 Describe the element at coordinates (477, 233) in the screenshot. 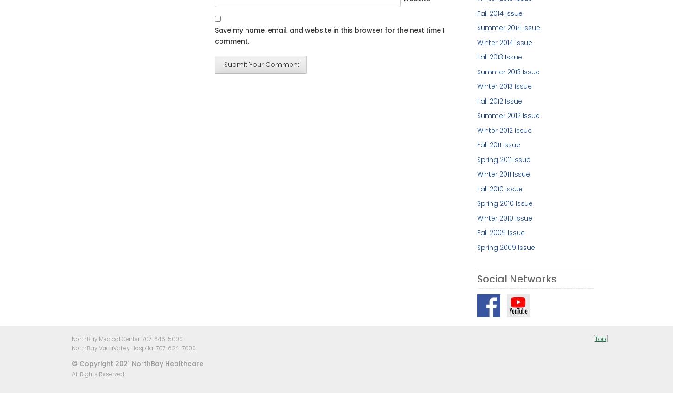

I see `'Fall 2009 Issue'` at that location.